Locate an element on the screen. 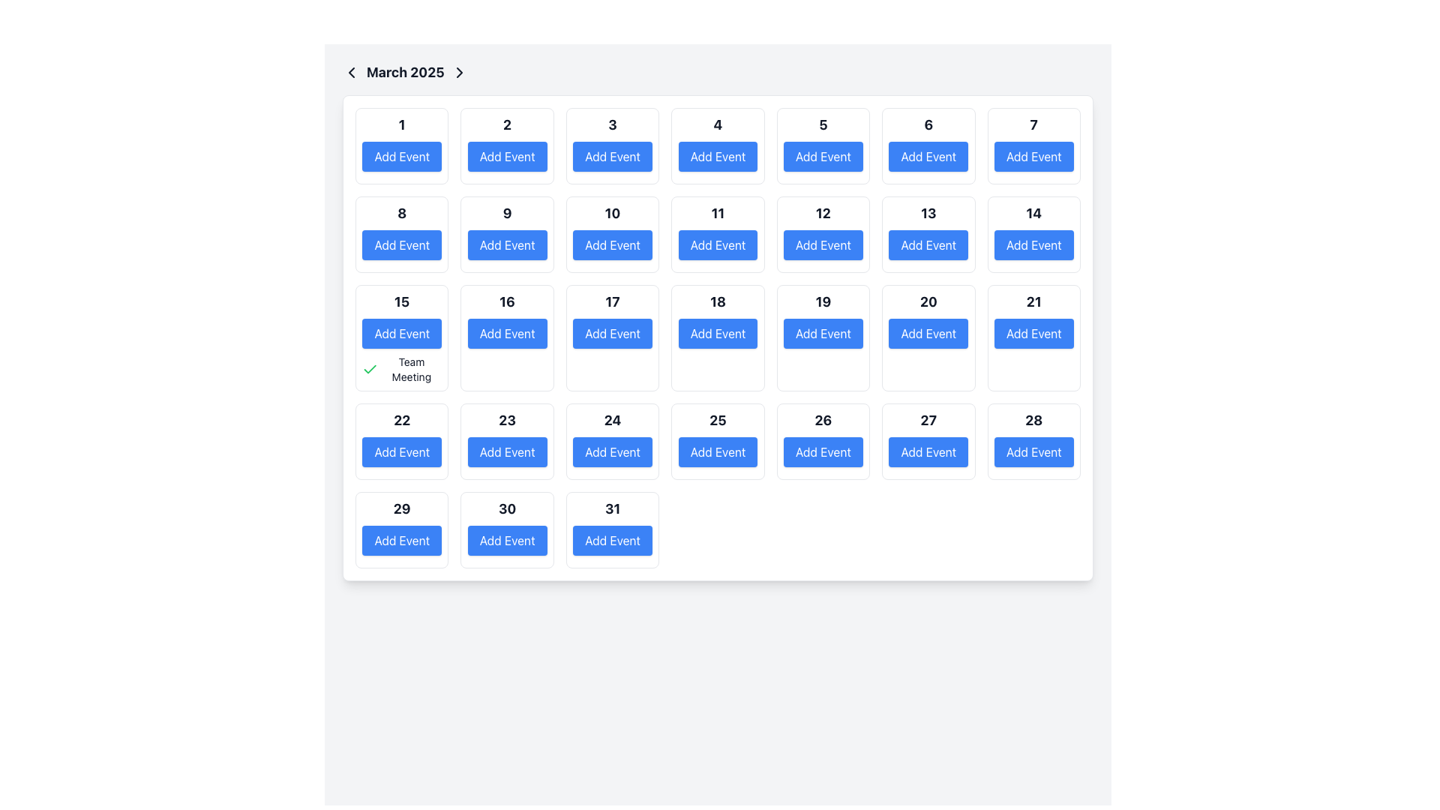 The height and width of the screenshot is (810, 1440). the 'Add Event' button for the calendar date of the 18th to initiate the event addition process is located at coordinates (717, 338).